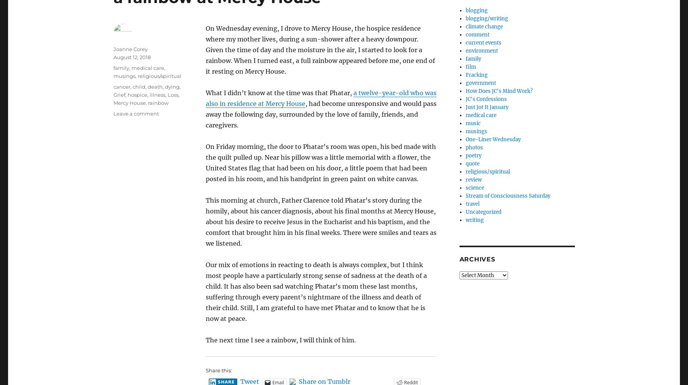  Describe the element at coordinates (280, 340) in the screenshot. I see `'The next time I see a rainbow, I will think of him.'` at that location.